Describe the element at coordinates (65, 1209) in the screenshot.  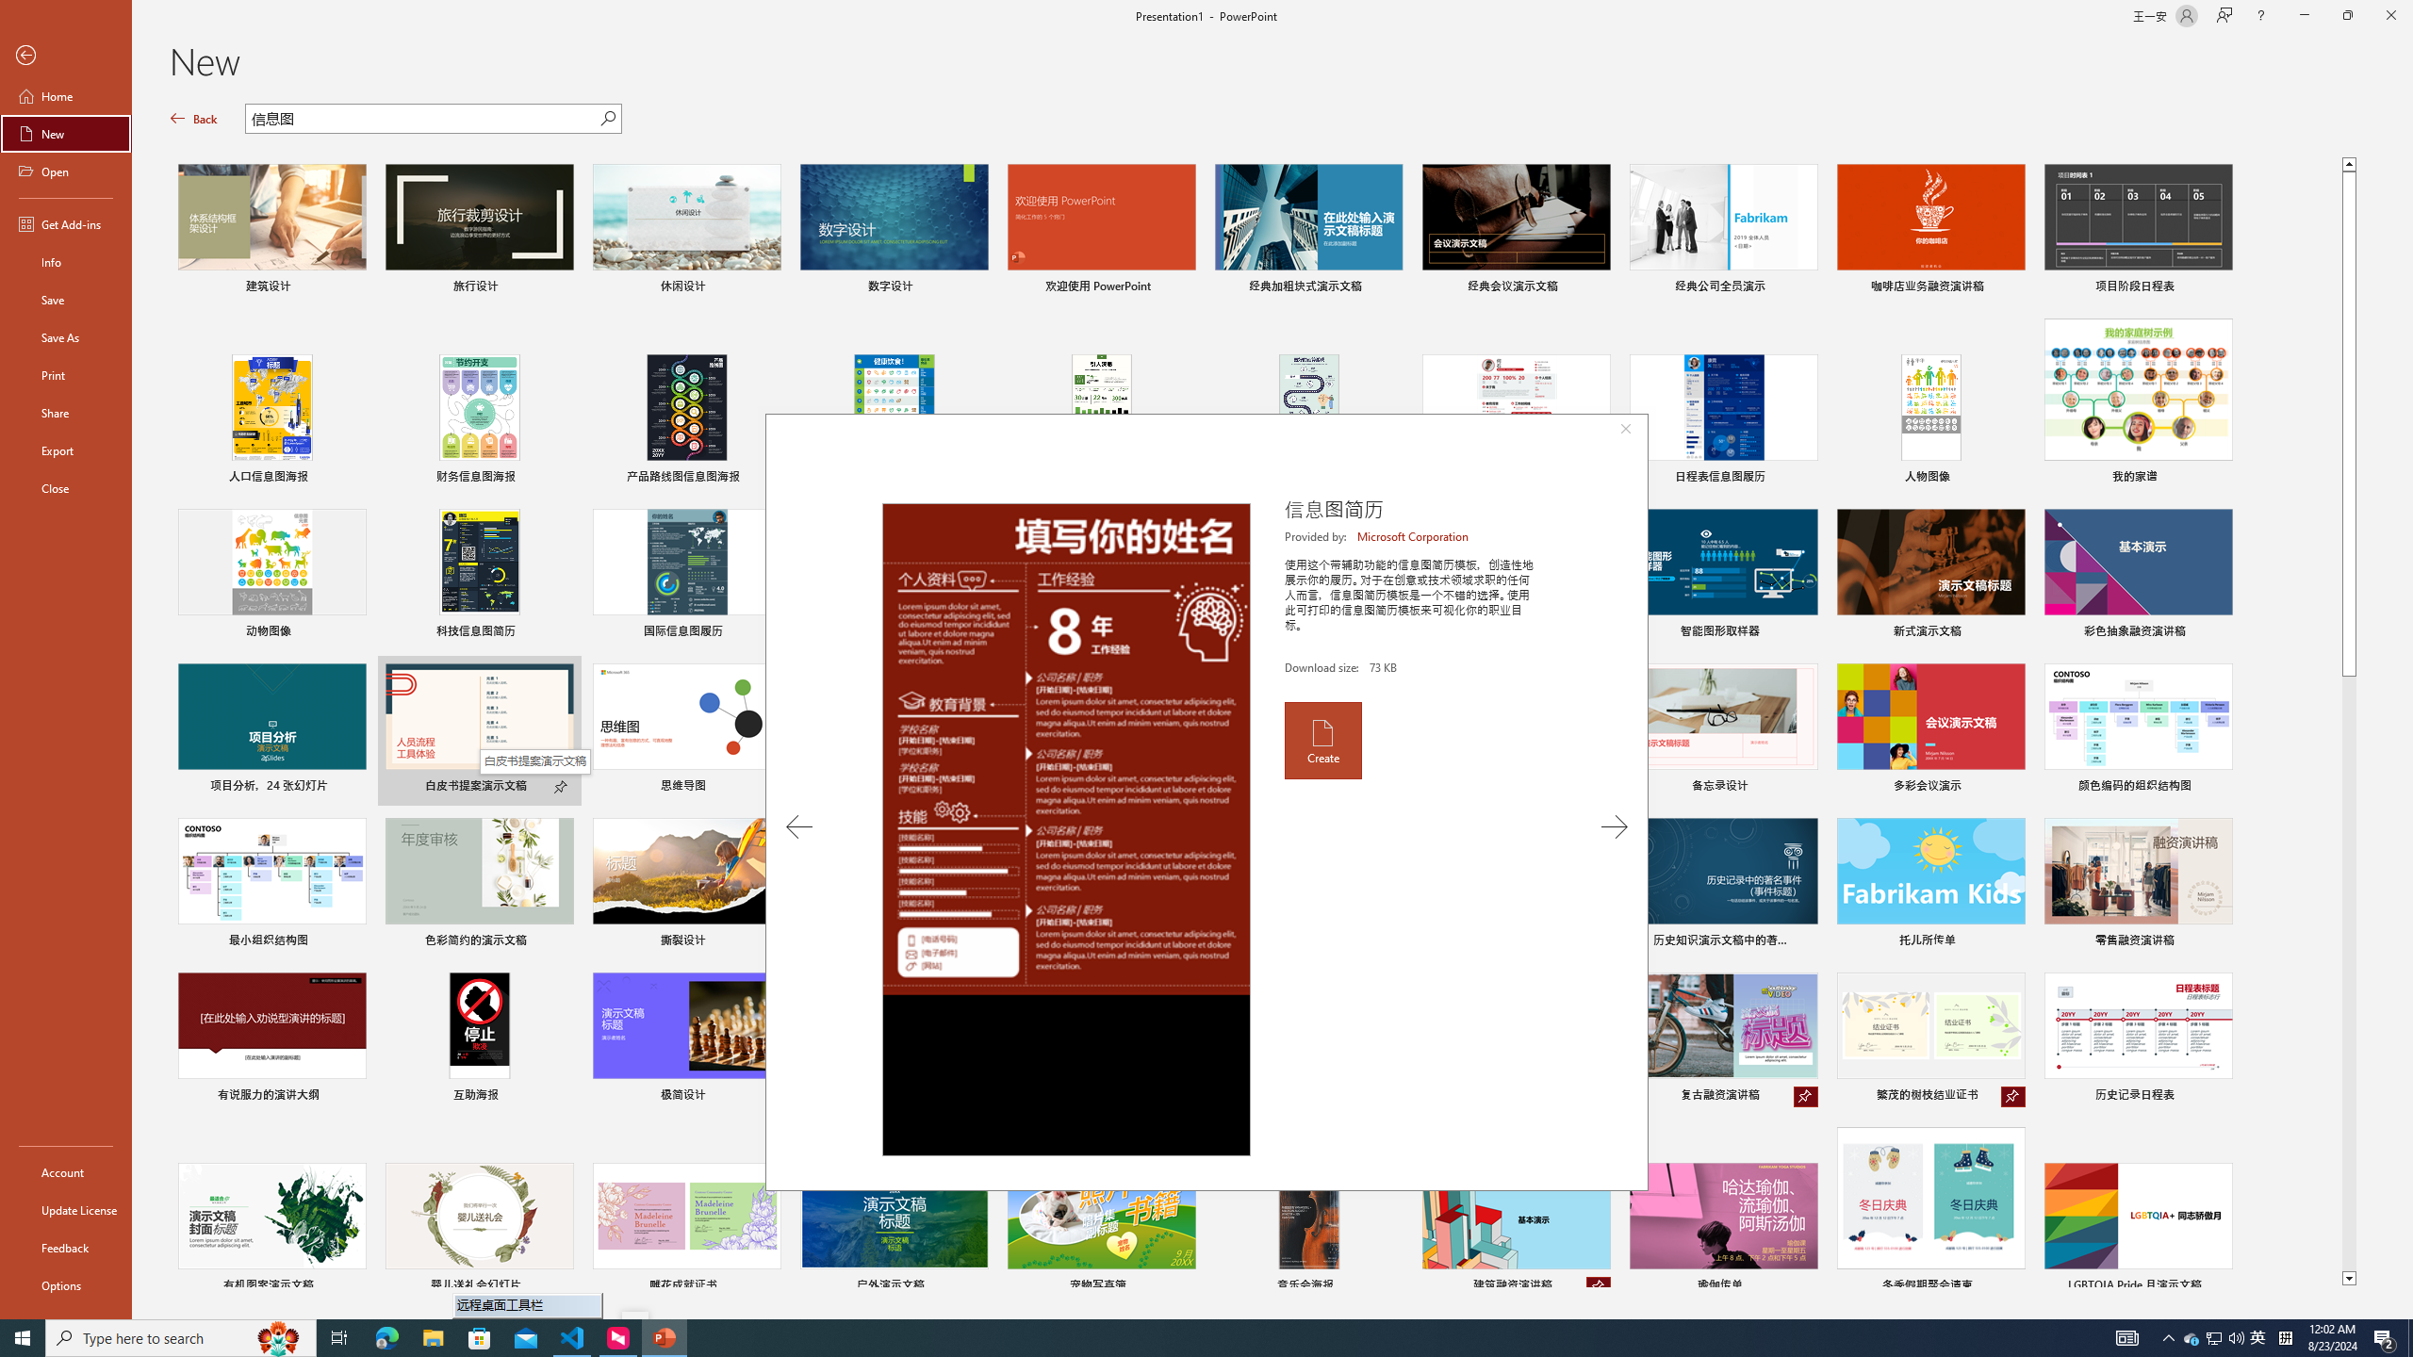
I see `'Update License'` at that location.